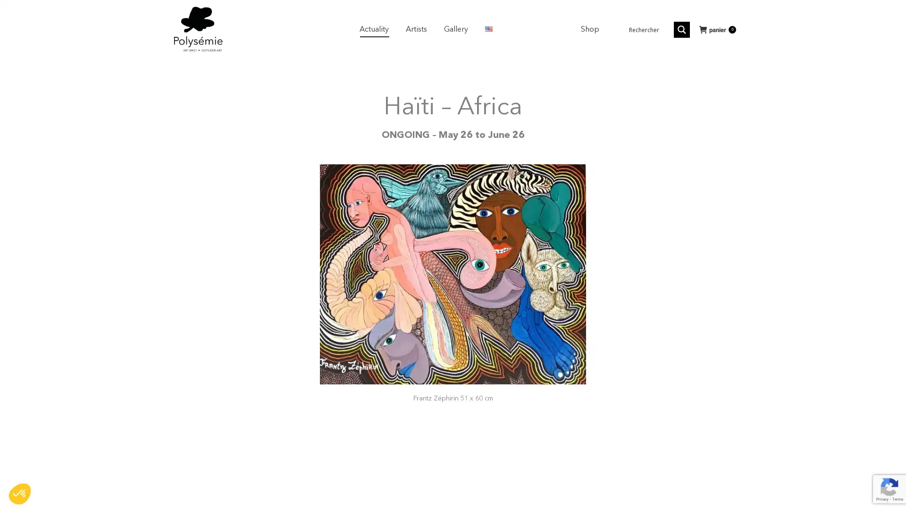 Image resolution: width=906 pixels, height=510 pixels. Describe the element at coordinates (109, 462) in the screenshot. I see `Je choisis` at that location.